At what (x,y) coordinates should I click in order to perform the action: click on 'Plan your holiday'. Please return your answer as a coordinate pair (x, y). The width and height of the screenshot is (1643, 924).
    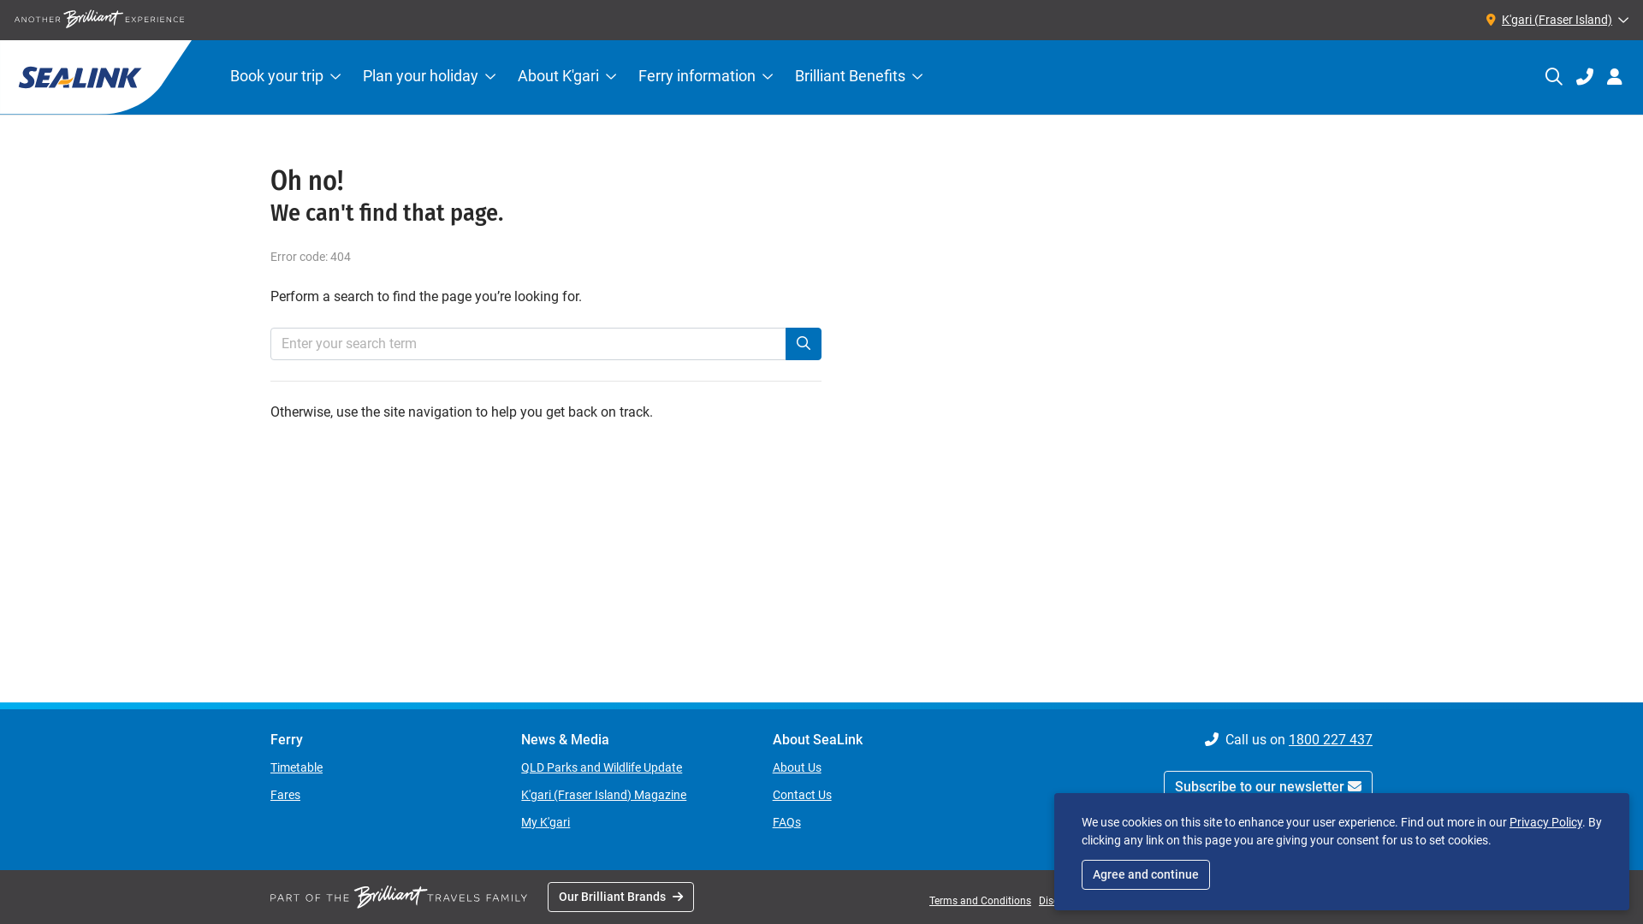
    Looking at the image, I should click on (429, 77).